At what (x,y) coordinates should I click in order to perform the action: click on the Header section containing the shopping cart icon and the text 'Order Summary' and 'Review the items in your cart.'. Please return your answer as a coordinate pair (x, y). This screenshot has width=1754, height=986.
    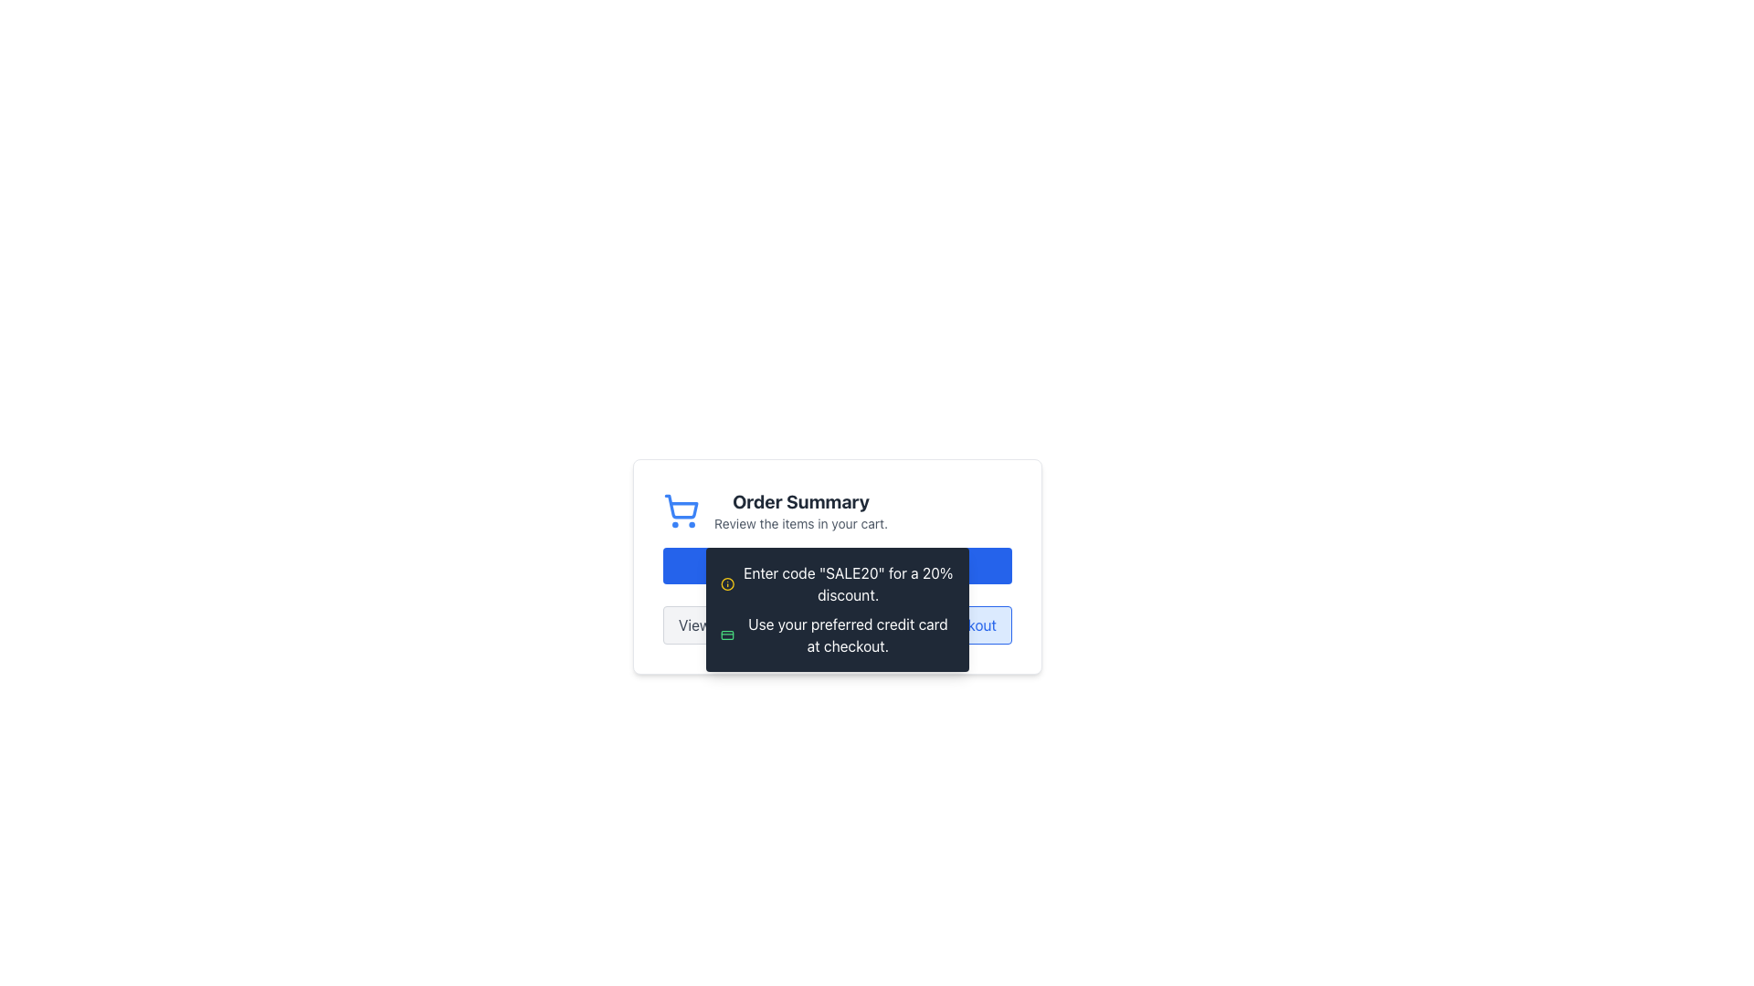
    Looking at the image, I should click on (836, 510).